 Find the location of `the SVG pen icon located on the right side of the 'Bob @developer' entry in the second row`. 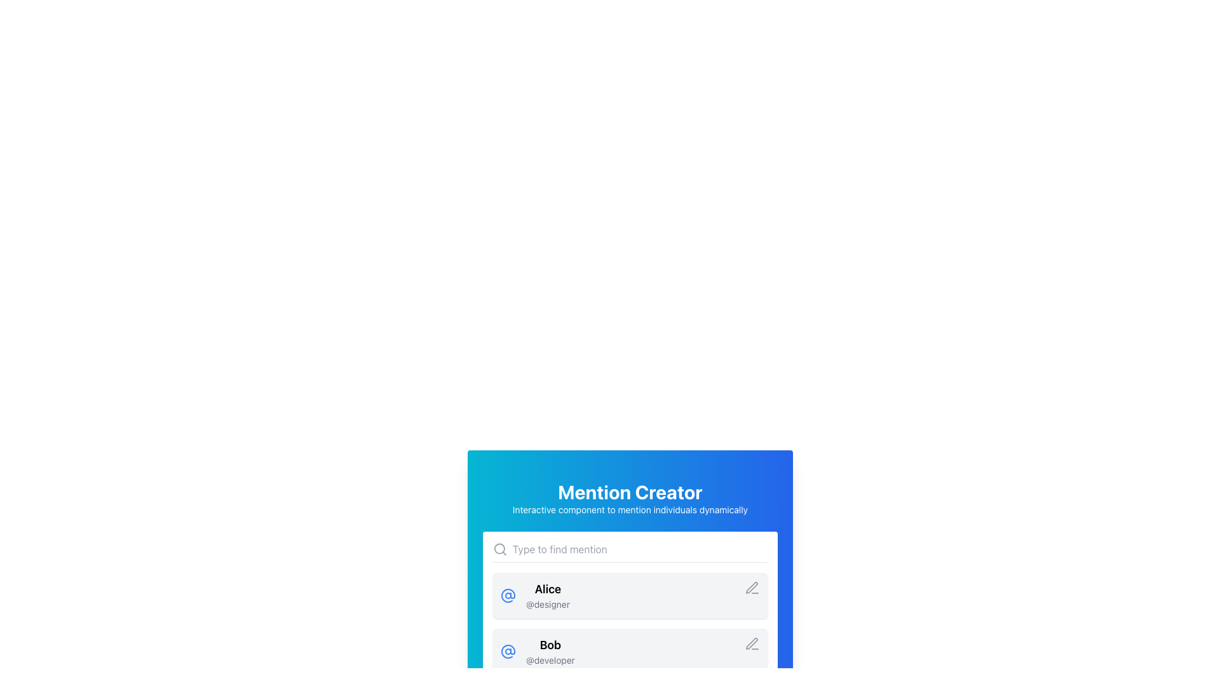

the SVG pen icon located on the right side of the 'Bob @developer' entry in the second row is located at coordinates (751, 643).